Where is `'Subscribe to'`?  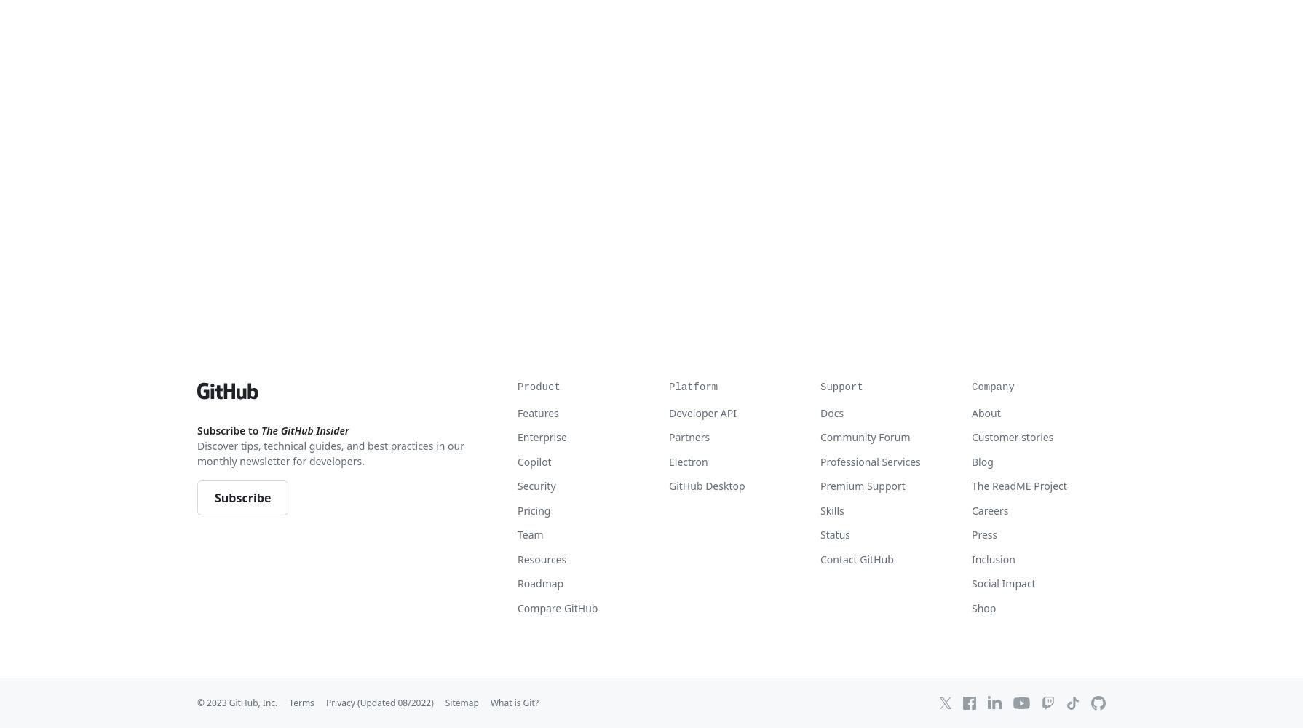
'Subscribe to' is located at coordinates (229, 429).